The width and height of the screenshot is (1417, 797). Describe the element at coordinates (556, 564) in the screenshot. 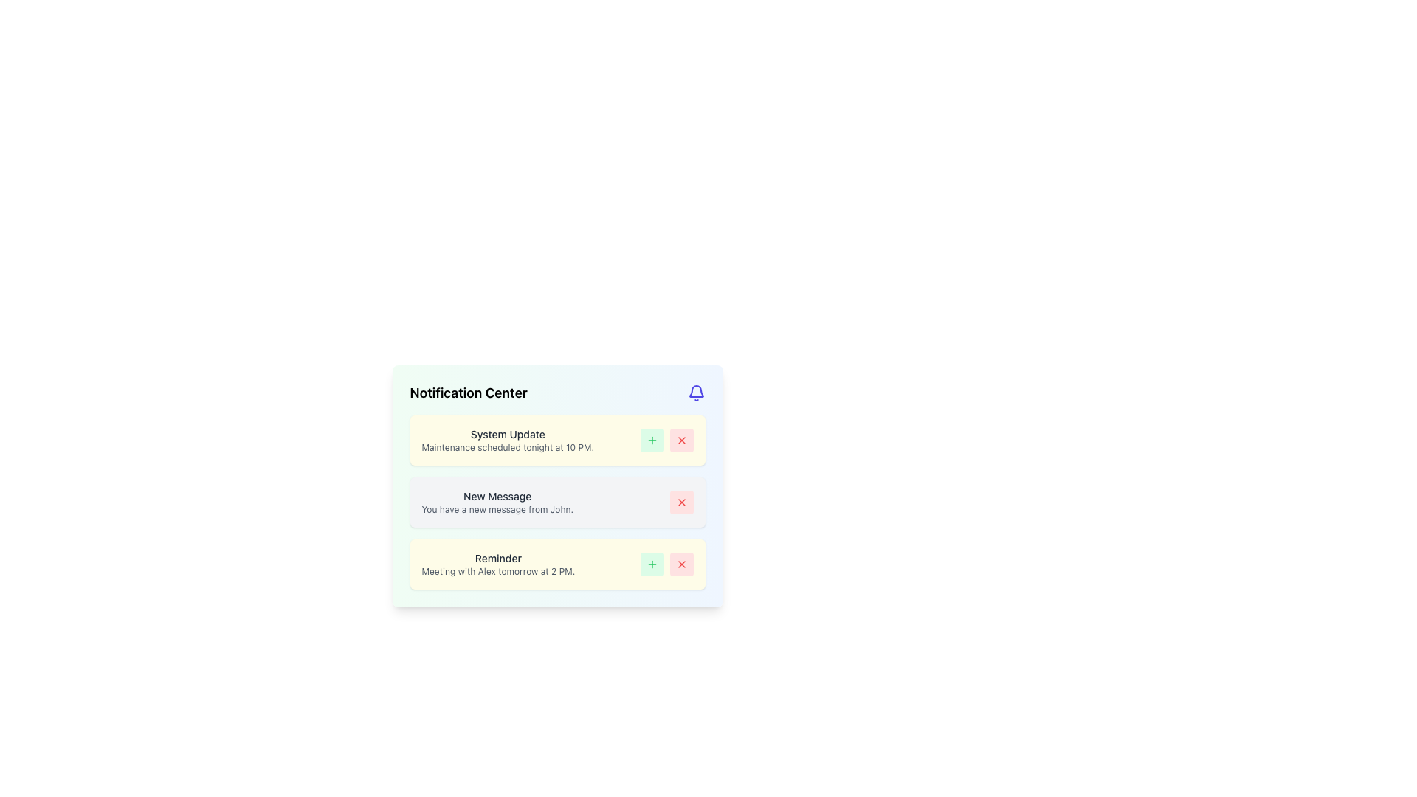

I see `the green plus button on the Reminder notification box to confirm the reminder` at that location.